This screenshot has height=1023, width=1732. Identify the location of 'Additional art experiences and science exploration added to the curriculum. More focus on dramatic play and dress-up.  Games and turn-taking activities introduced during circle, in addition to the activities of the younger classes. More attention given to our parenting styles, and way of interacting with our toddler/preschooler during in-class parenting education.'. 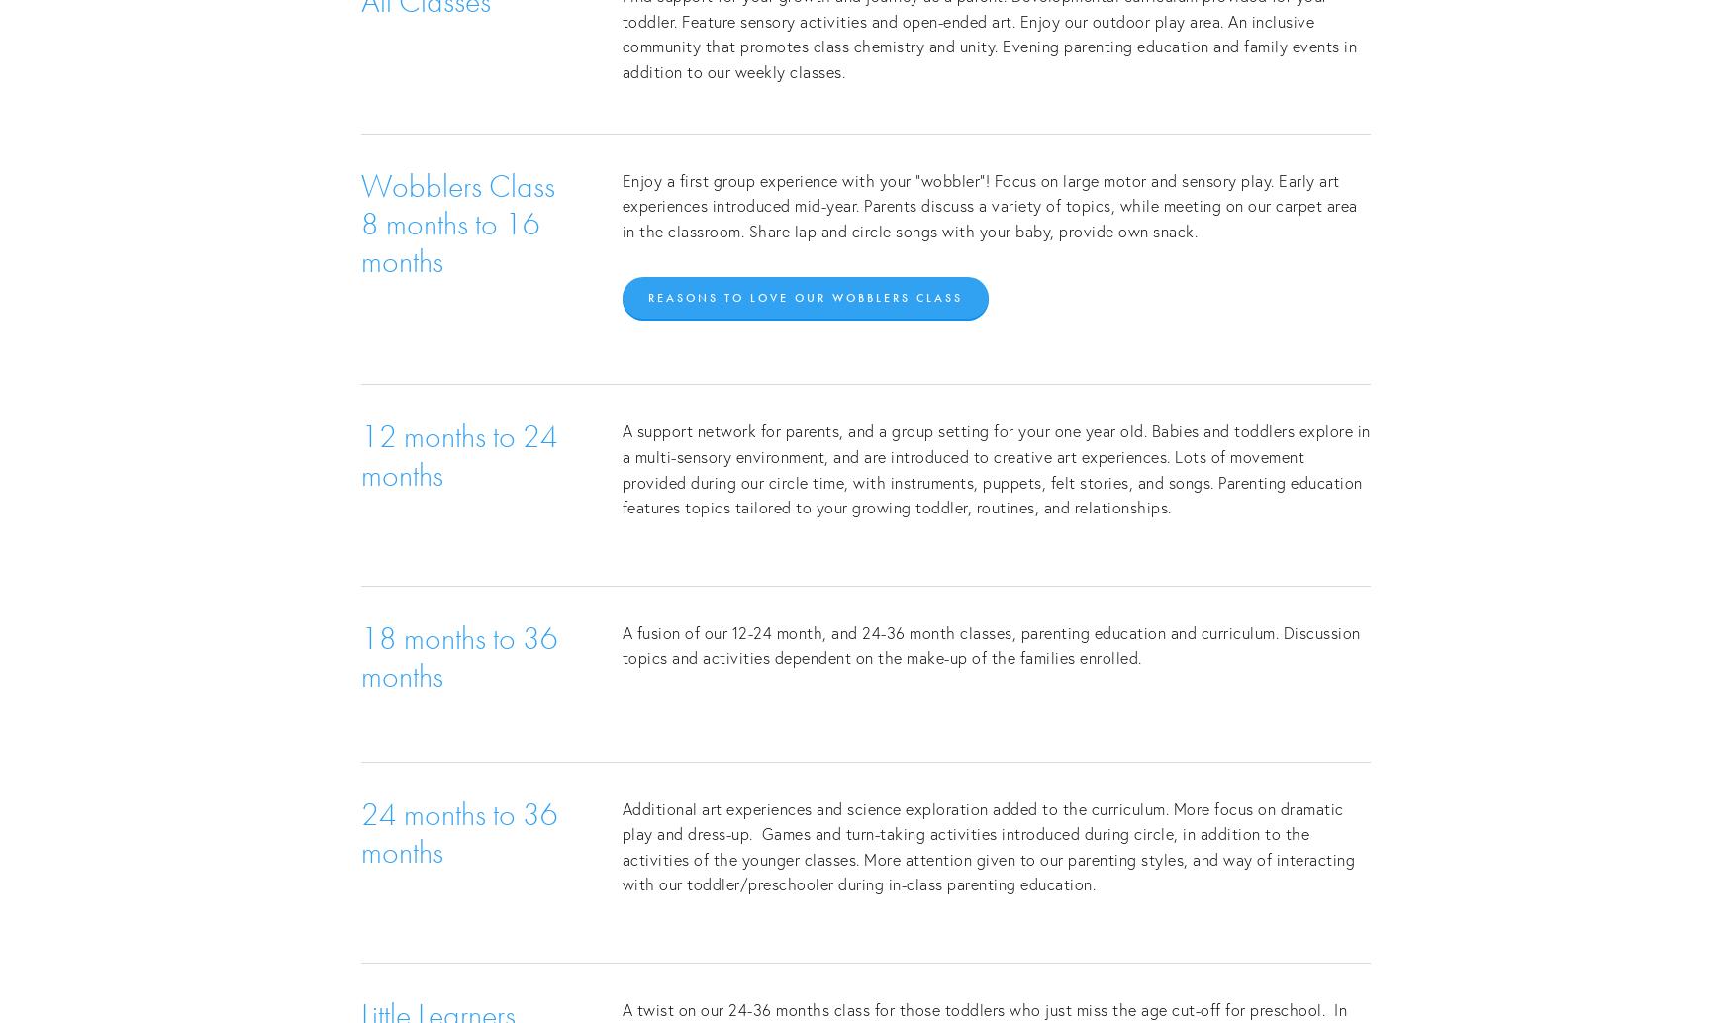
(990, 845).